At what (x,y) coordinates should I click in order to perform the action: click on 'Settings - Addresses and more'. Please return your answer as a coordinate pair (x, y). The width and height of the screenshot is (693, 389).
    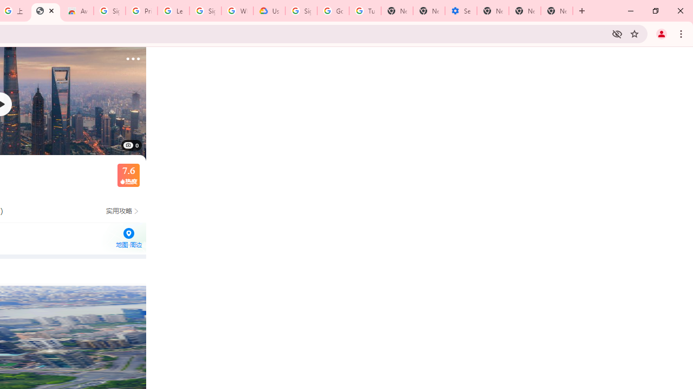
    Looking at the image, I should click on (461, 11).